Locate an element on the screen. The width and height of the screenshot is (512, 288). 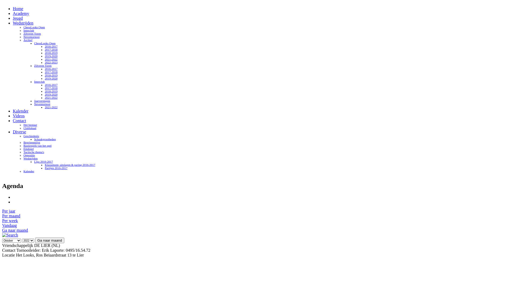
'2017-2018' is located at coordinates (45, 72).